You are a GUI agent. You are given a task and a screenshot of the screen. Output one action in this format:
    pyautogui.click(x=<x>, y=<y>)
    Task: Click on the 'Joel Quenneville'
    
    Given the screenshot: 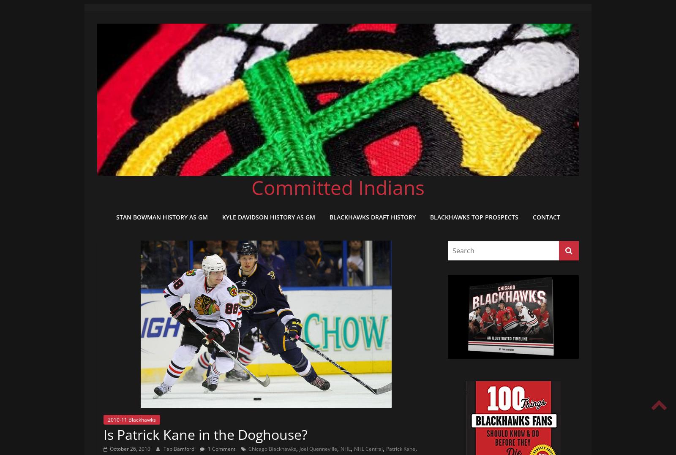 What is the action you would take?
    pyautogui.click(x=318, y=448)
    